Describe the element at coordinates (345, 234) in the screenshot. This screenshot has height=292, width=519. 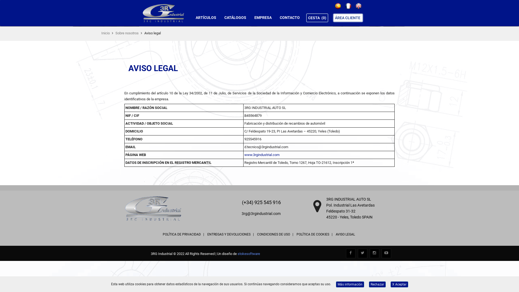
I see `'  AVISO LEGAL  '` at that location.